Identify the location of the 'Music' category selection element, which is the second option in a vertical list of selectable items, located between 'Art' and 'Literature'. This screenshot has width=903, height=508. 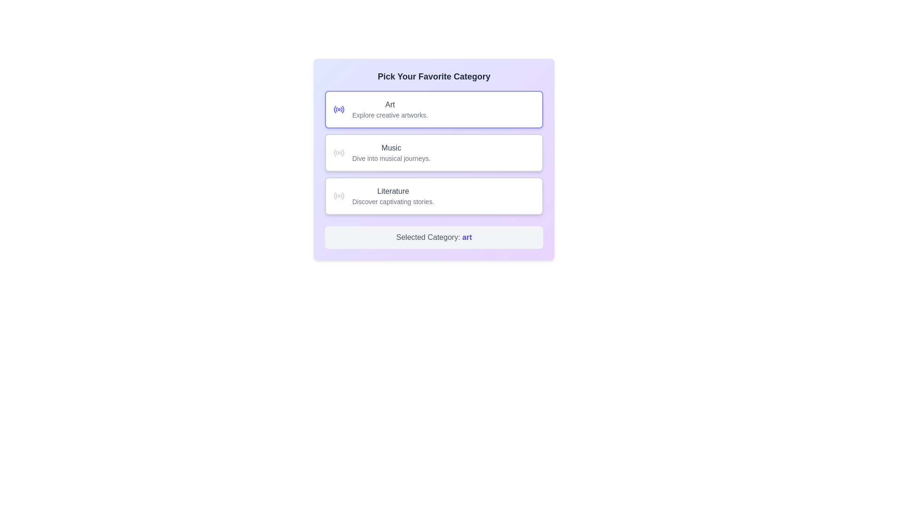
(391, 152).